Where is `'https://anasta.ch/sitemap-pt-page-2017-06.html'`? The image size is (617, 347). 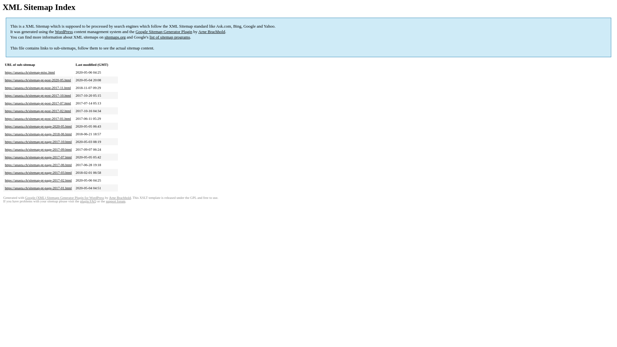 'https://anasta.ch/sitemap-pt-page-2017-06.html' is located at coordinates (38, 165).